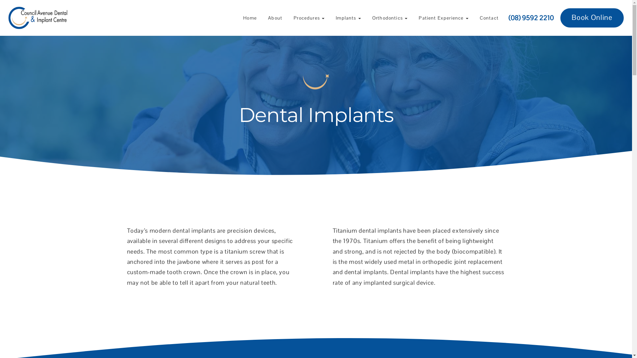  Describe the element at coordinates (288, 18) in the screenshot. I see `'Procedures'` at that location.